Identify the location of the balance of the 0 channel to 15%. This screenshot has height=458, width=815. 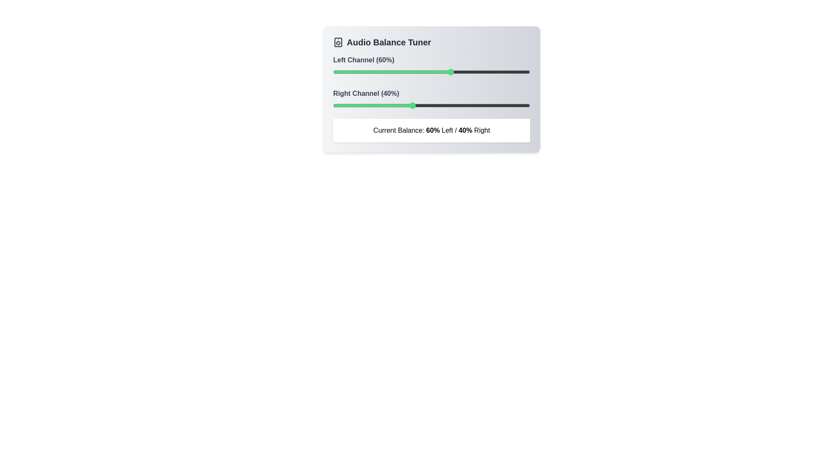
(363, 71).